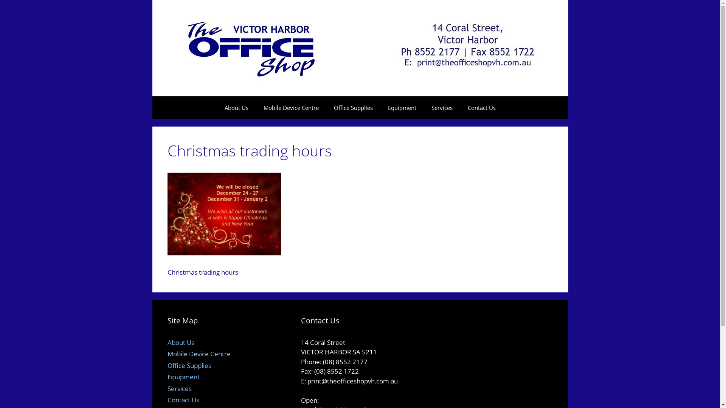 Image resolution: width=726 pixels, height=408 pixels. Describe the element at coordinates (481, 108) in the screenshot. I see `'Contact Us'` at that location.